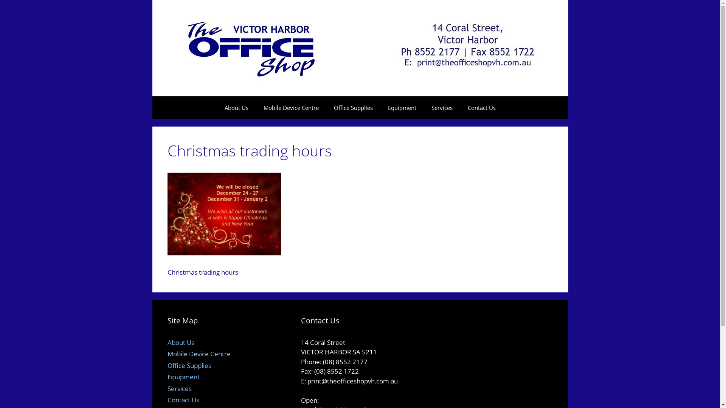 Image resolution: width=726 pixels, height=408 pixels. Describe the element at coordinates (481, 108) in the screenshot. I see `'Contact Us'` at that location.